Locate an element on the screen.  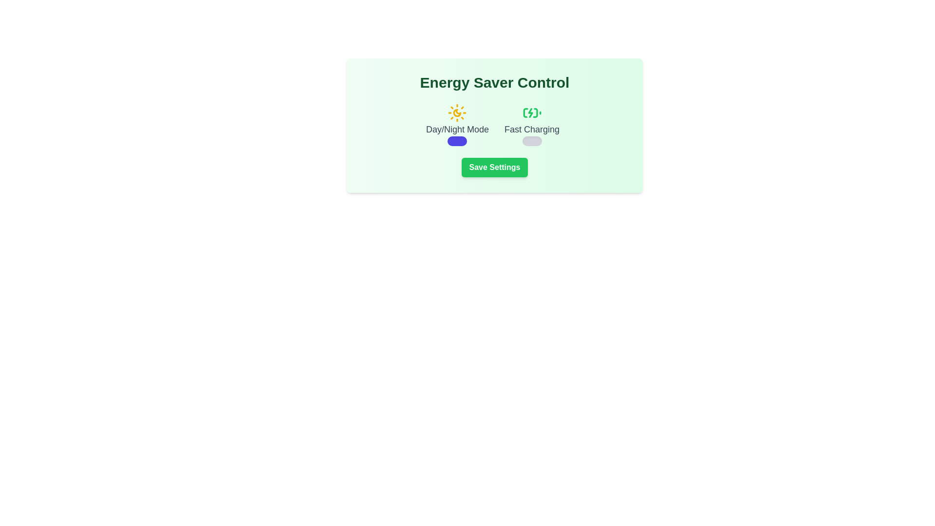
the 'Fast Charging' switch to toggle its state is located at coordinates (531, 141).